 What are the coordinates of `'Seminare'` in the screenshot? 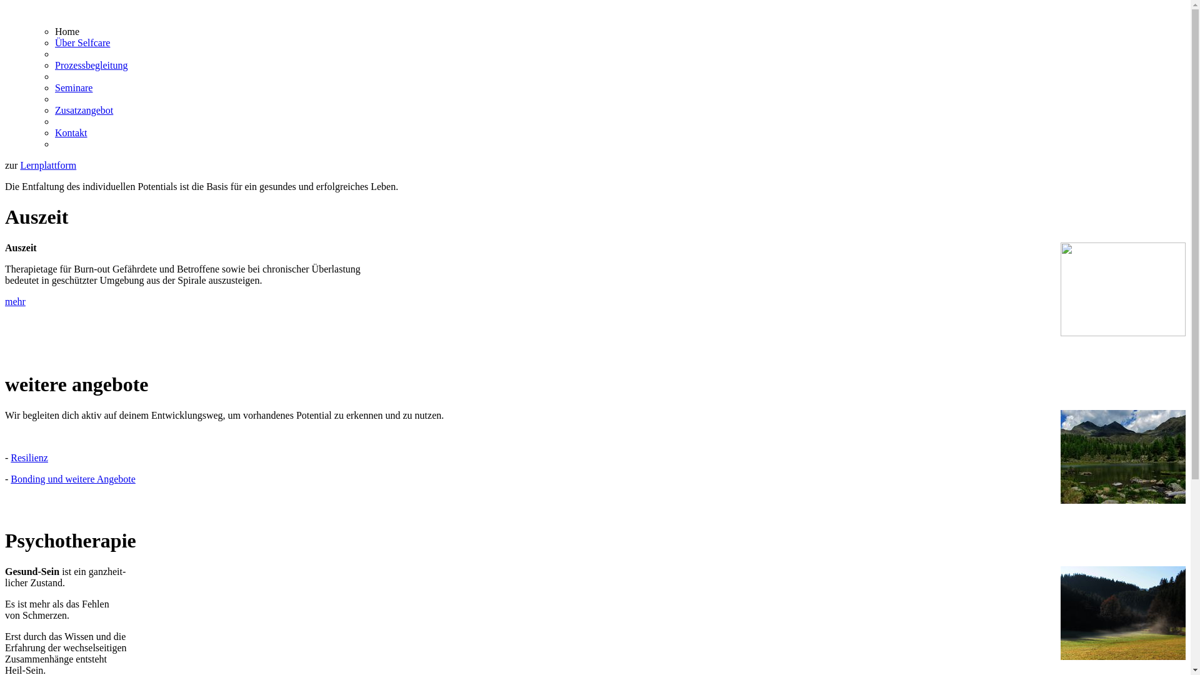 It's located at (73, 87).